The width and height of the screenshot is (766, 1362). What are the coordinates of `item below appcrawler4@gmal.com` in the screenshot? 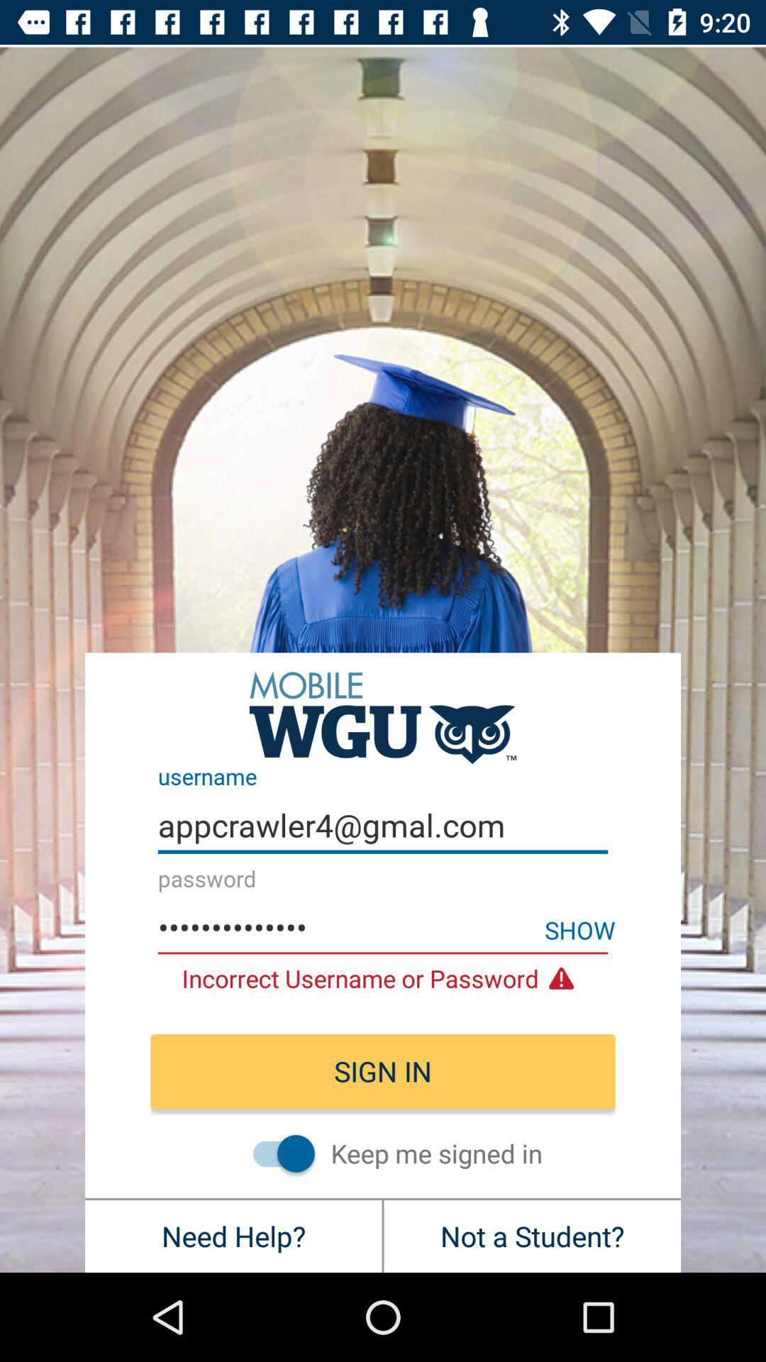 It's located at (383, 928).